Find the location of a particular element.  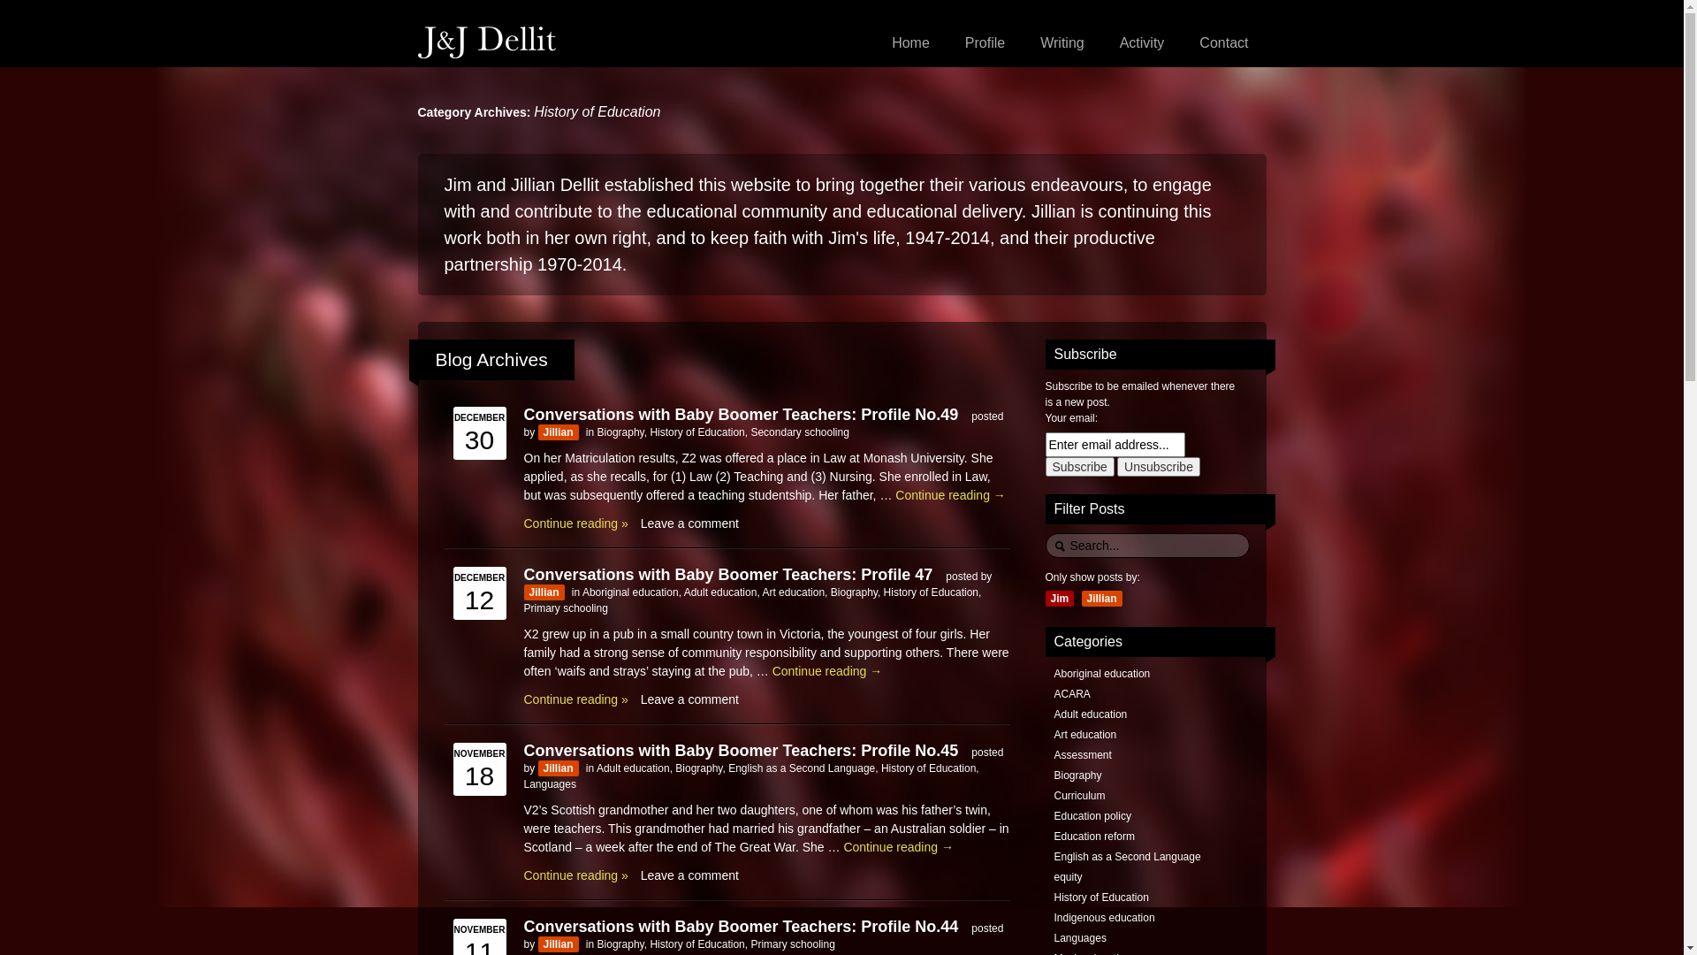

'English as a Second Language' is located at coordinates (728, 767).